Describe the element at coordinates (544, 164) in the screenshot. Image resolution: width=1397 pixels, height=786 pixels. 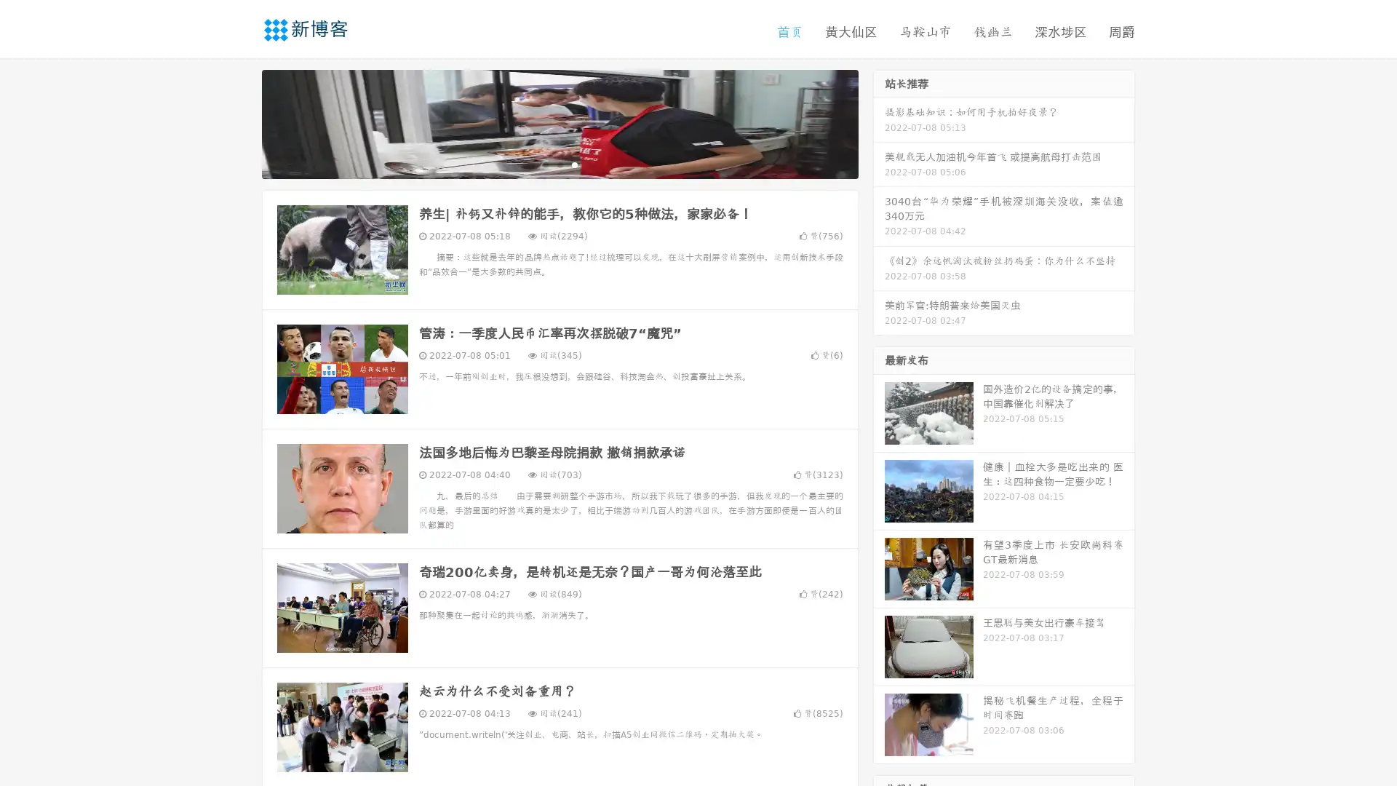
I see `Go to slide 1` at that location.